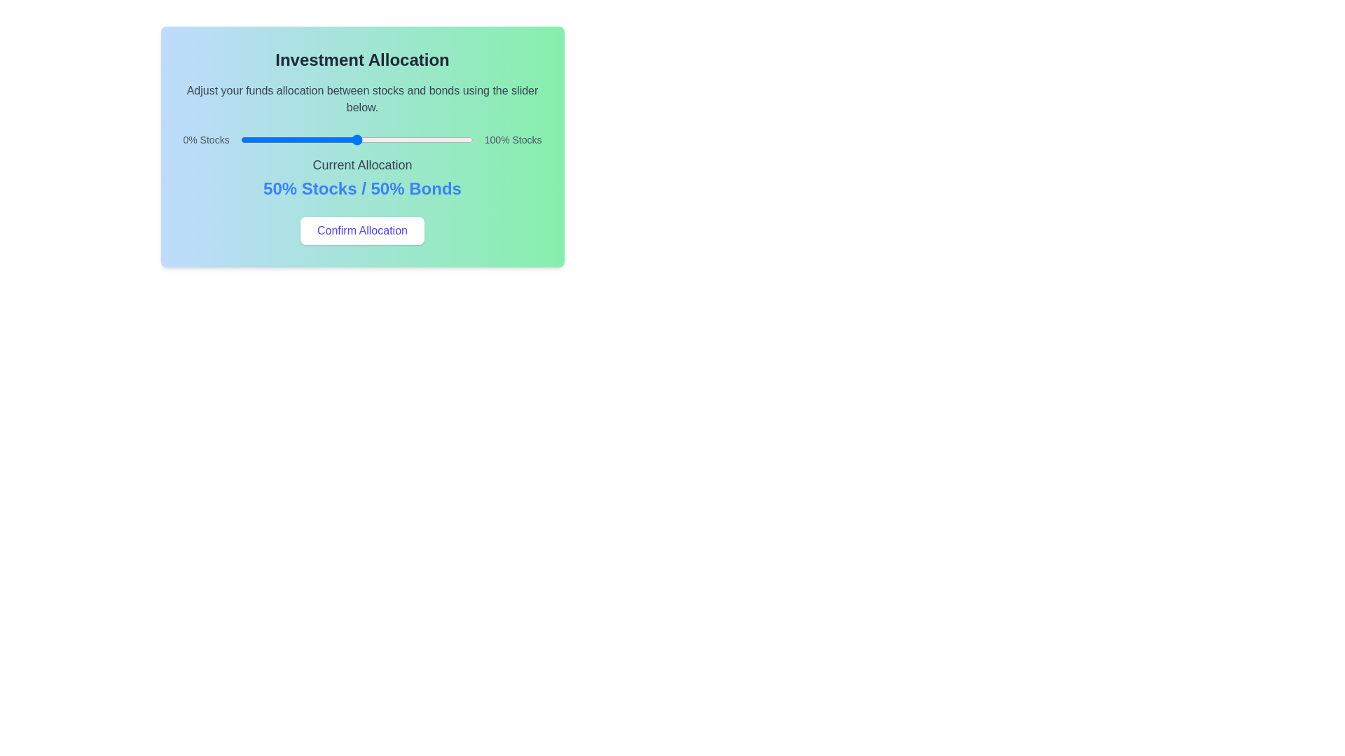 The width and height of the screenshot is (1345, 756). What do you see at coordinates (393, 140) in the screenshot?
I see `the slider to set the investment allocation to 66% of stocks` at bounding box center [393, 140].